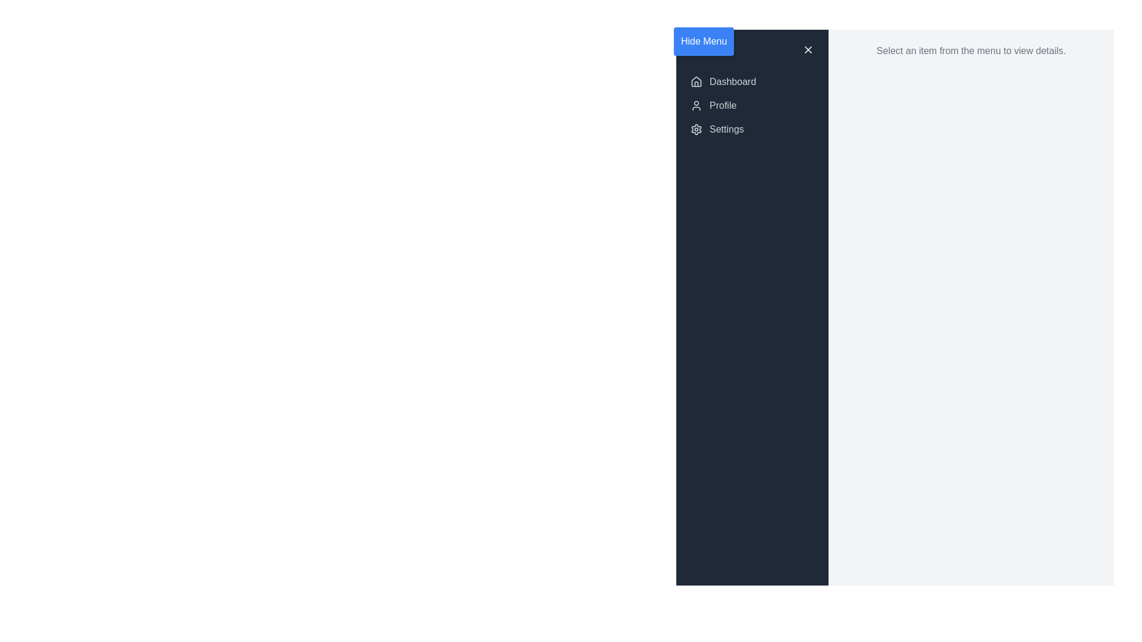 Image resolution: width=1142 pixels, height=642 pixels. Describe the element at coordinates (732, 81) in the screenshot. I see `the 'Dashboard' static text label located in the left-side menu on a dark blue background` at that location.